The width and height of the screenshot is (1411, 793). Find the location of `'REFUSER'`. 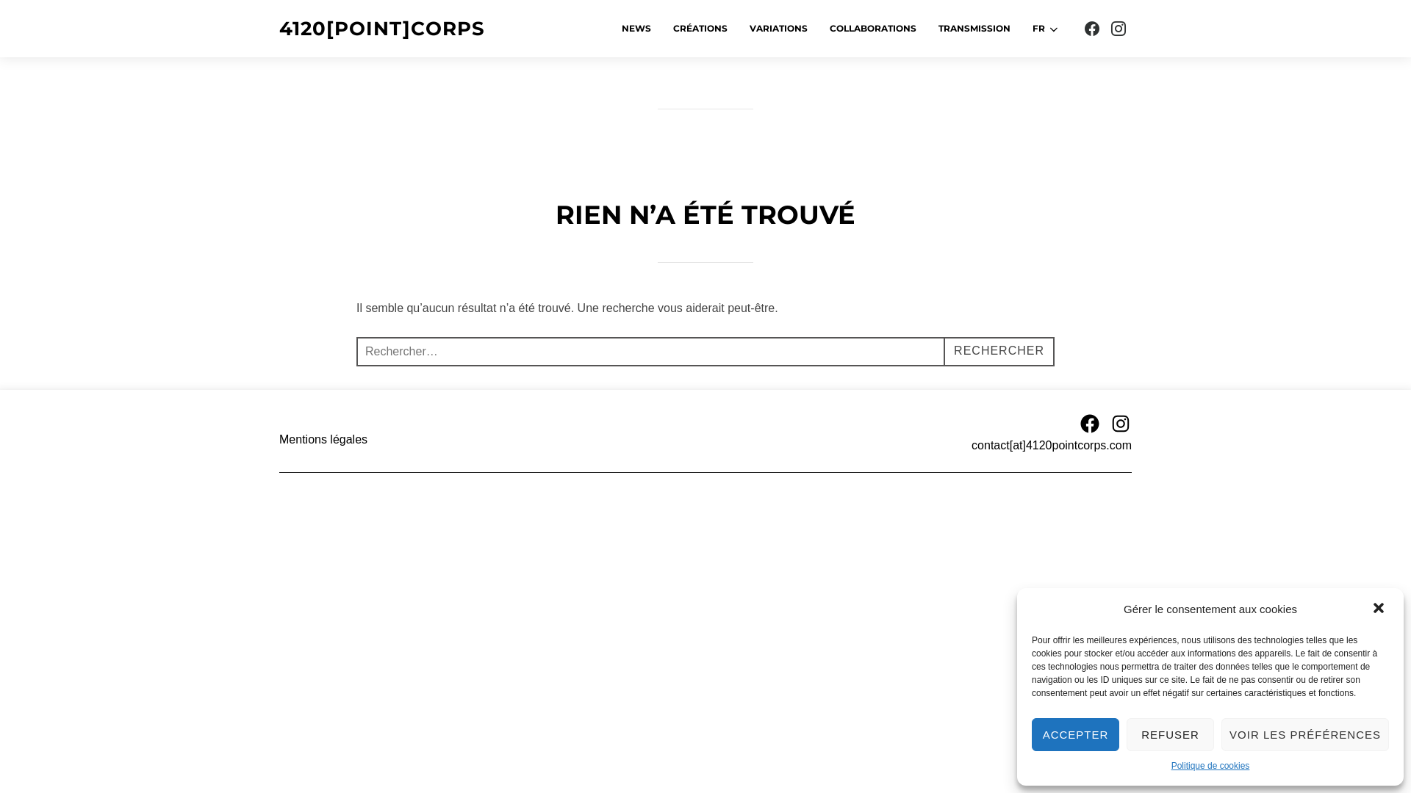

'REFUSER' is located at coordinates (1169, 734).